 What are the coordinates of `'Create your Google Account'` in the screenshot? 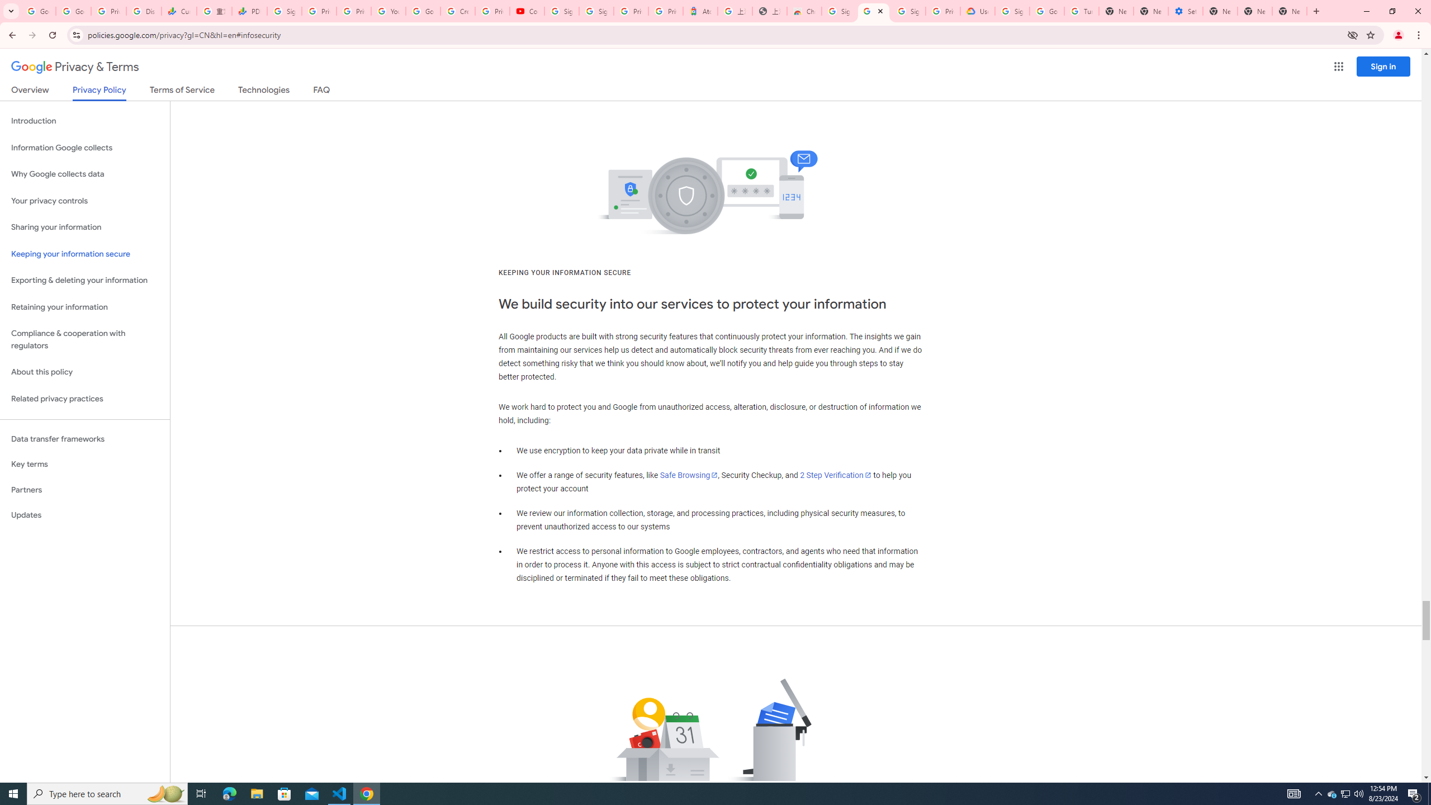 It's located at (458, 11).